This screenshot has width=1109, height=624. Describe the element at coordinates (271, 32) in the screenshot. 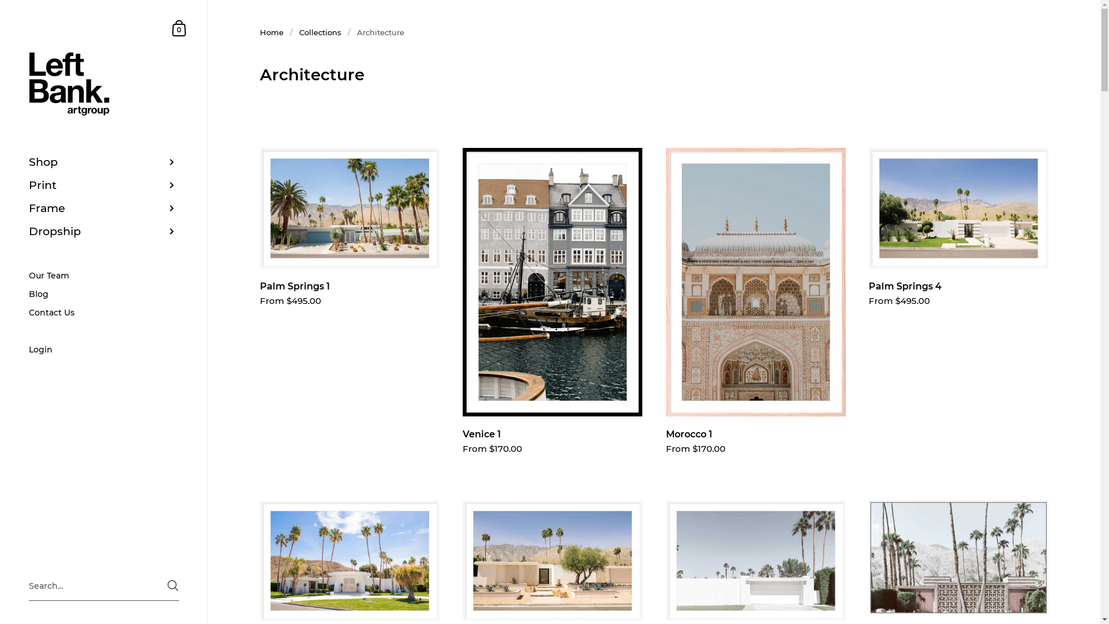

I see `'Home'` at that location.